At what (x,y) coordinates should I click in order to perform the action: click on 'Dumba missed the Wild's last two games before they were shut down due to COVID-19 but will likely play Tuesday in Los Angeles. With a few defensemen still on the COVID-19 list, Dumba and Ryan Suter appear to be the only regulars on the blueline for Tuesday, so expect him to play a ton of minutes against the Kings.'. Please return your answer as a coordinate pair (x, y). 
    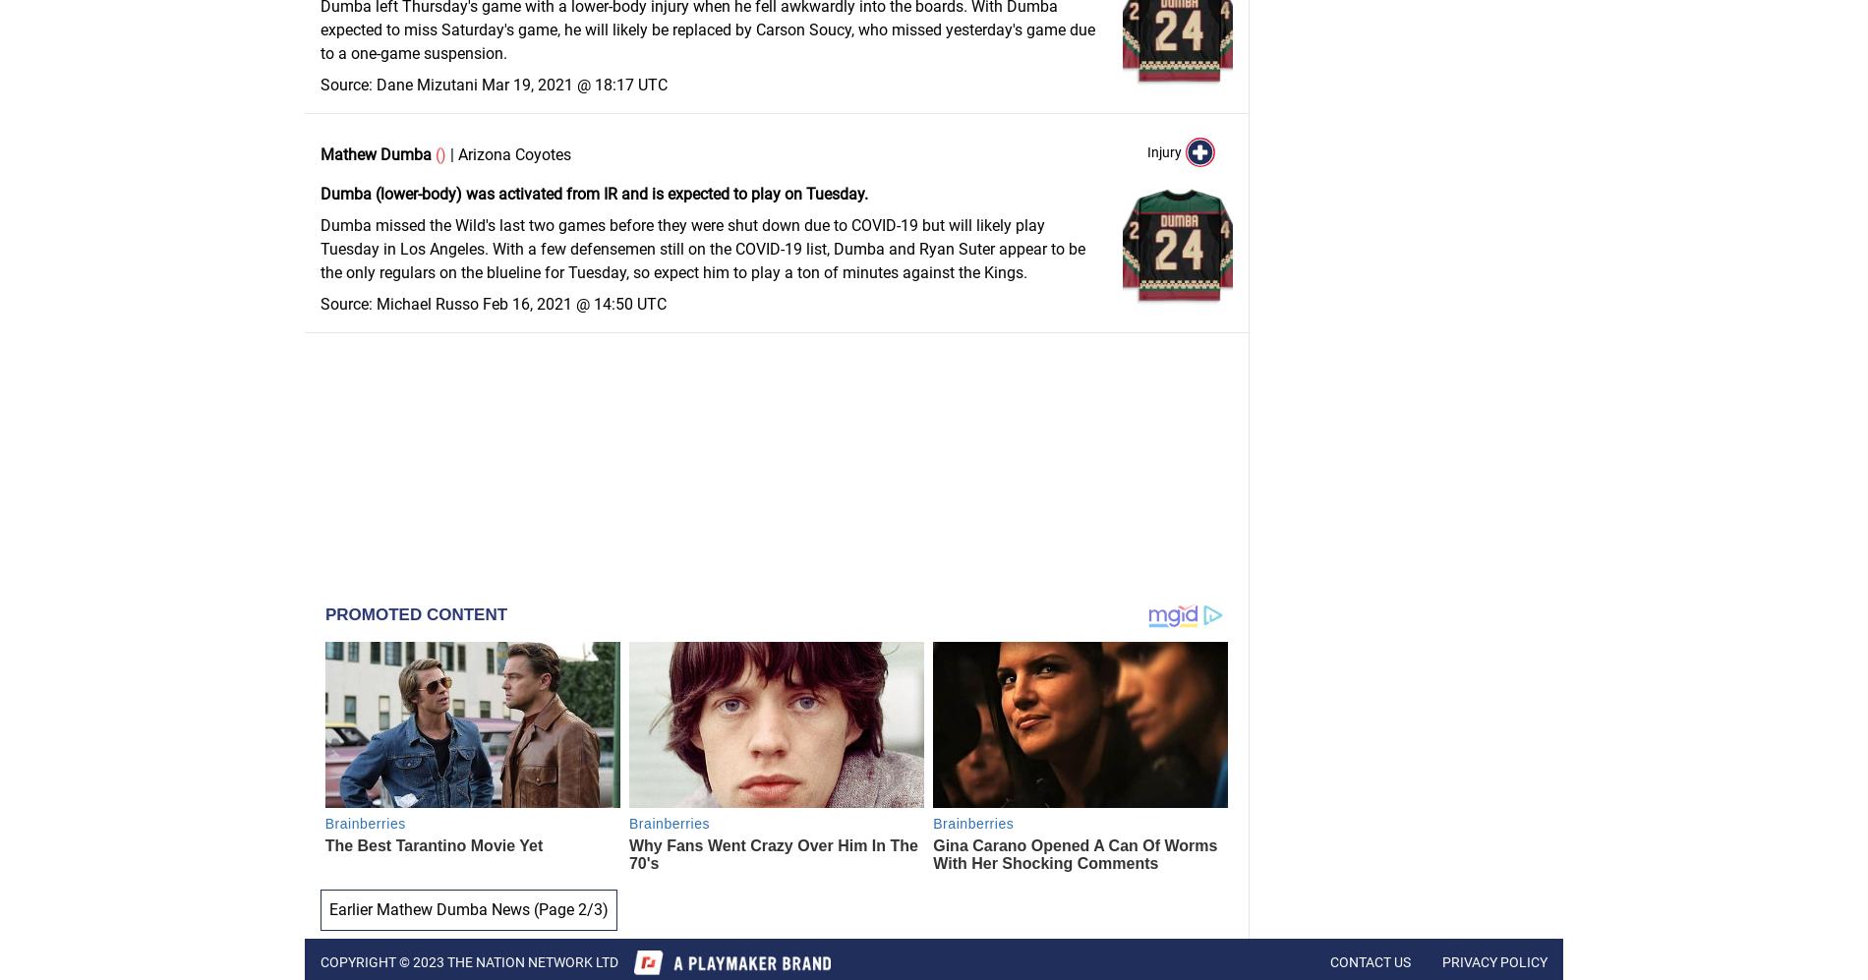
    Looking at the image, I should click on (701, 248).